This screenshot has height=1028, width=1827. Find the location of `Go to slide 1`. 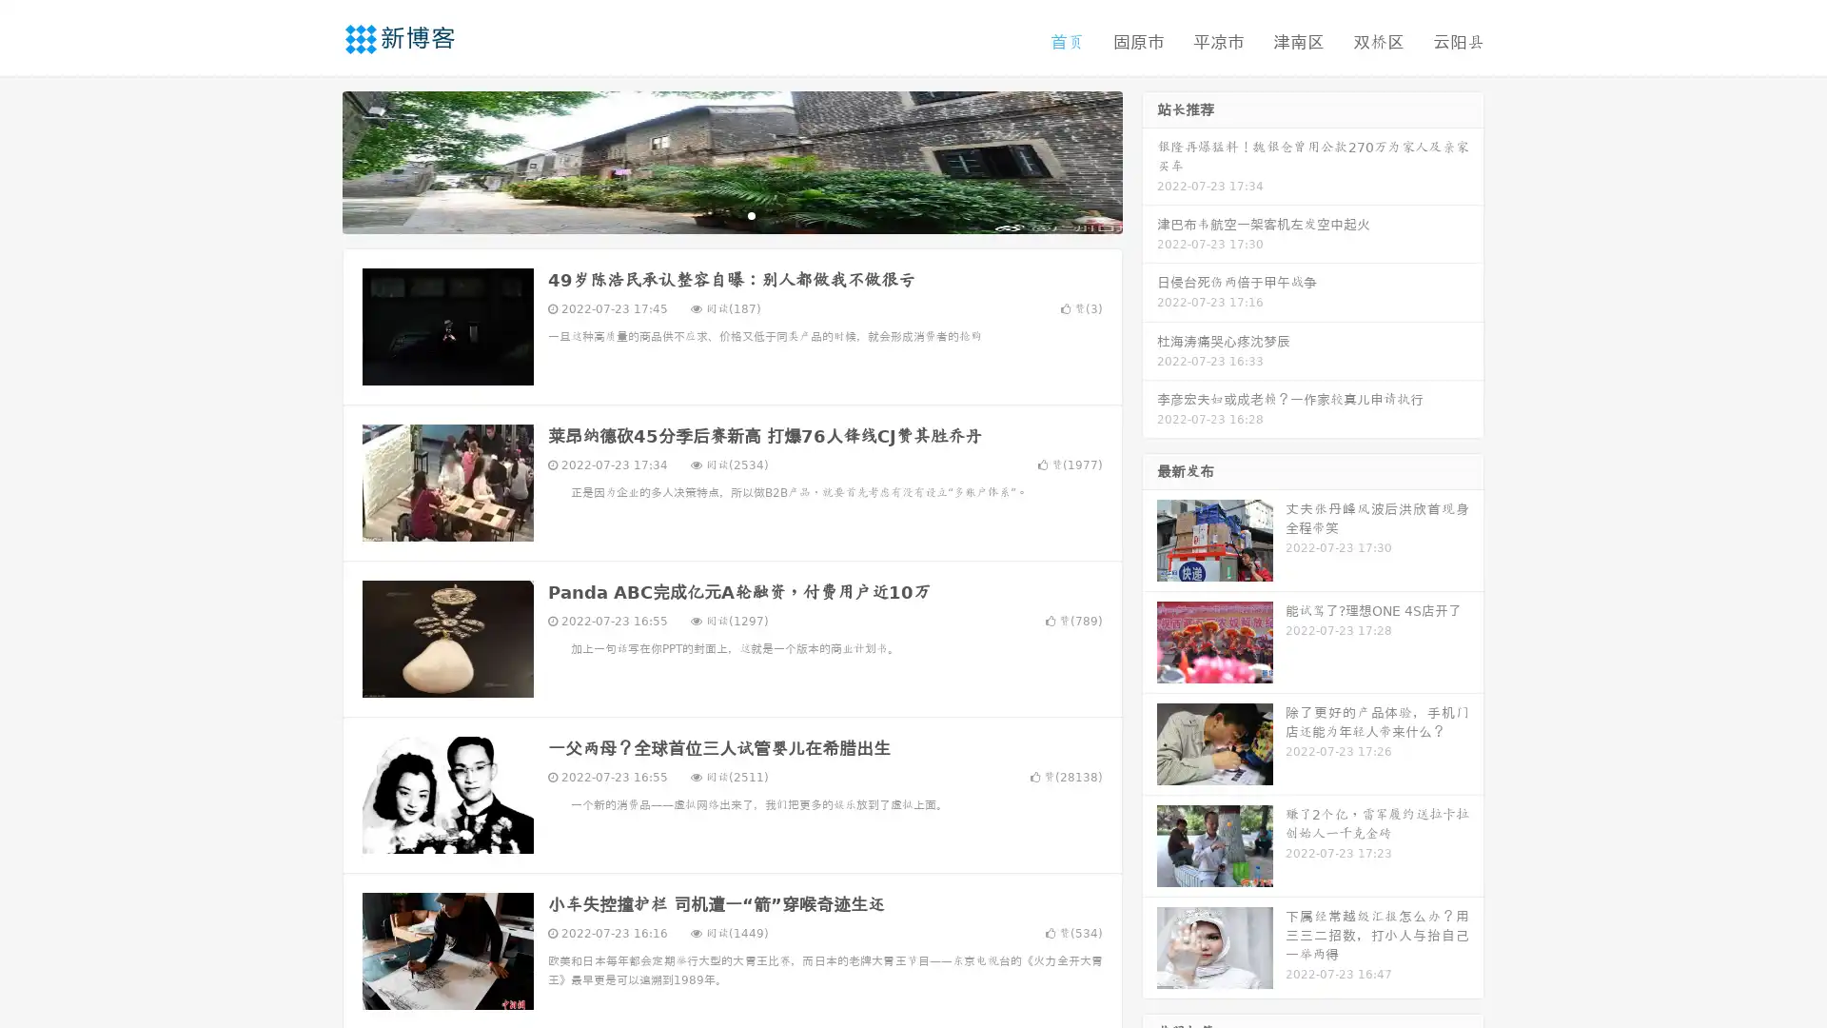

Go to slide 1 is located at coordinates (712, 214).